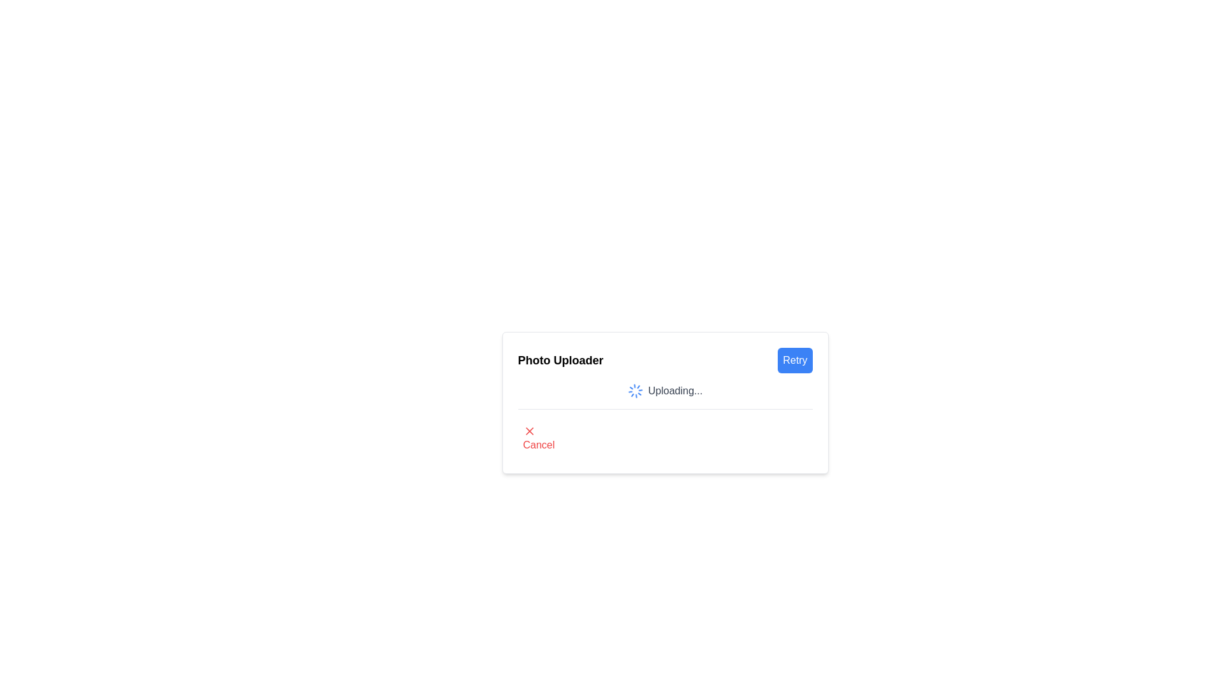 The image size is (1224, 688). I want to click on the status indicated by the Loader with Status Text displaying 'Uploading...' in the Photo Uploader popup, so click(664, 390).